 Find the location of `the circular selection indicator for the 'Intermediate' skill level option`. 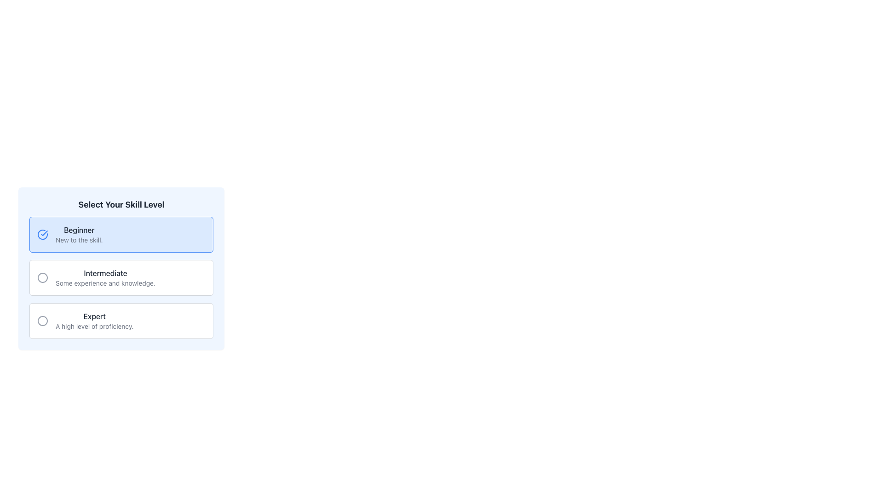

the circular selection indicator for the 'Intermediate' skill level option is located at coordinates (42, 277).